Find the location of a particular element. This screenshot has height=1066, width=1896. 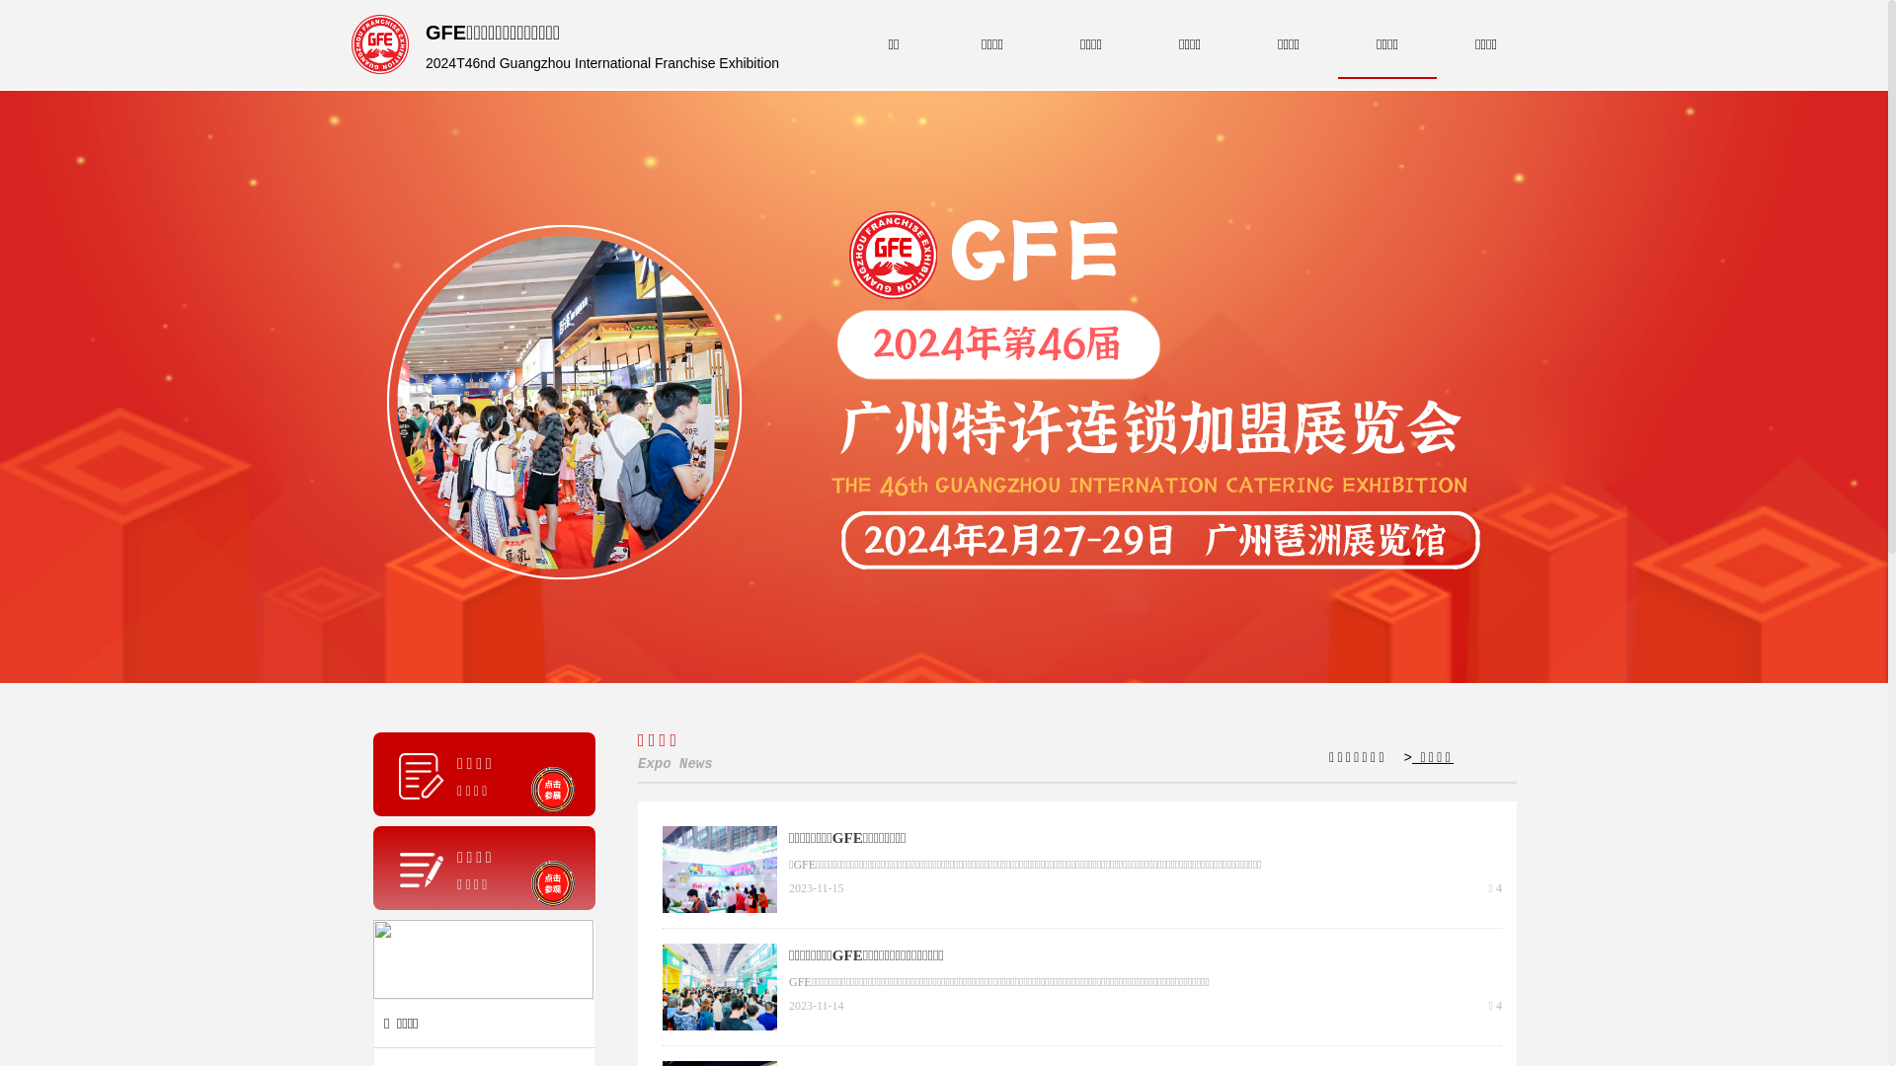

'2024T46nd Guangzhou International Franchise Exhibition' is located at coordinates (600, 63).